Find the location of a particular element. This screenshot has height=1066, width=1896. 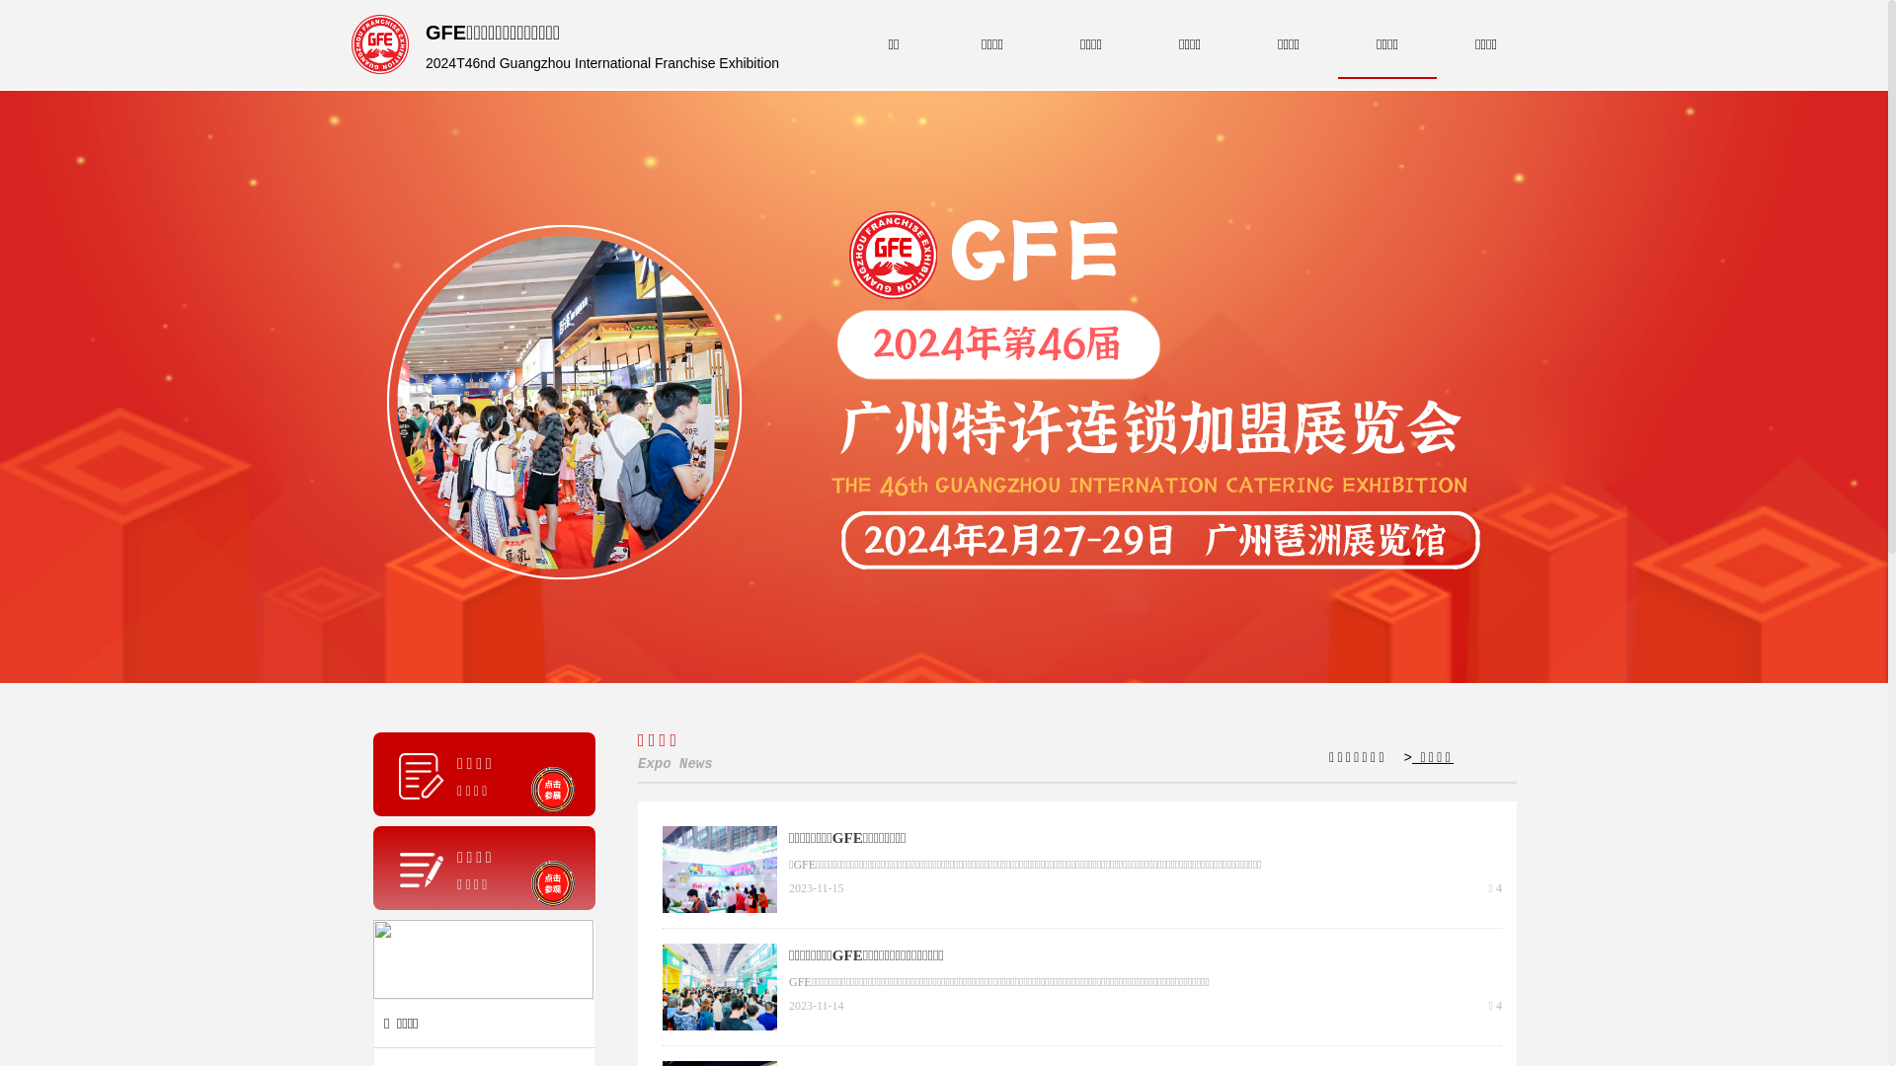

'2024T46nd Guangzhou International Franchise Exhibition' is located at coordinates (600, 63).